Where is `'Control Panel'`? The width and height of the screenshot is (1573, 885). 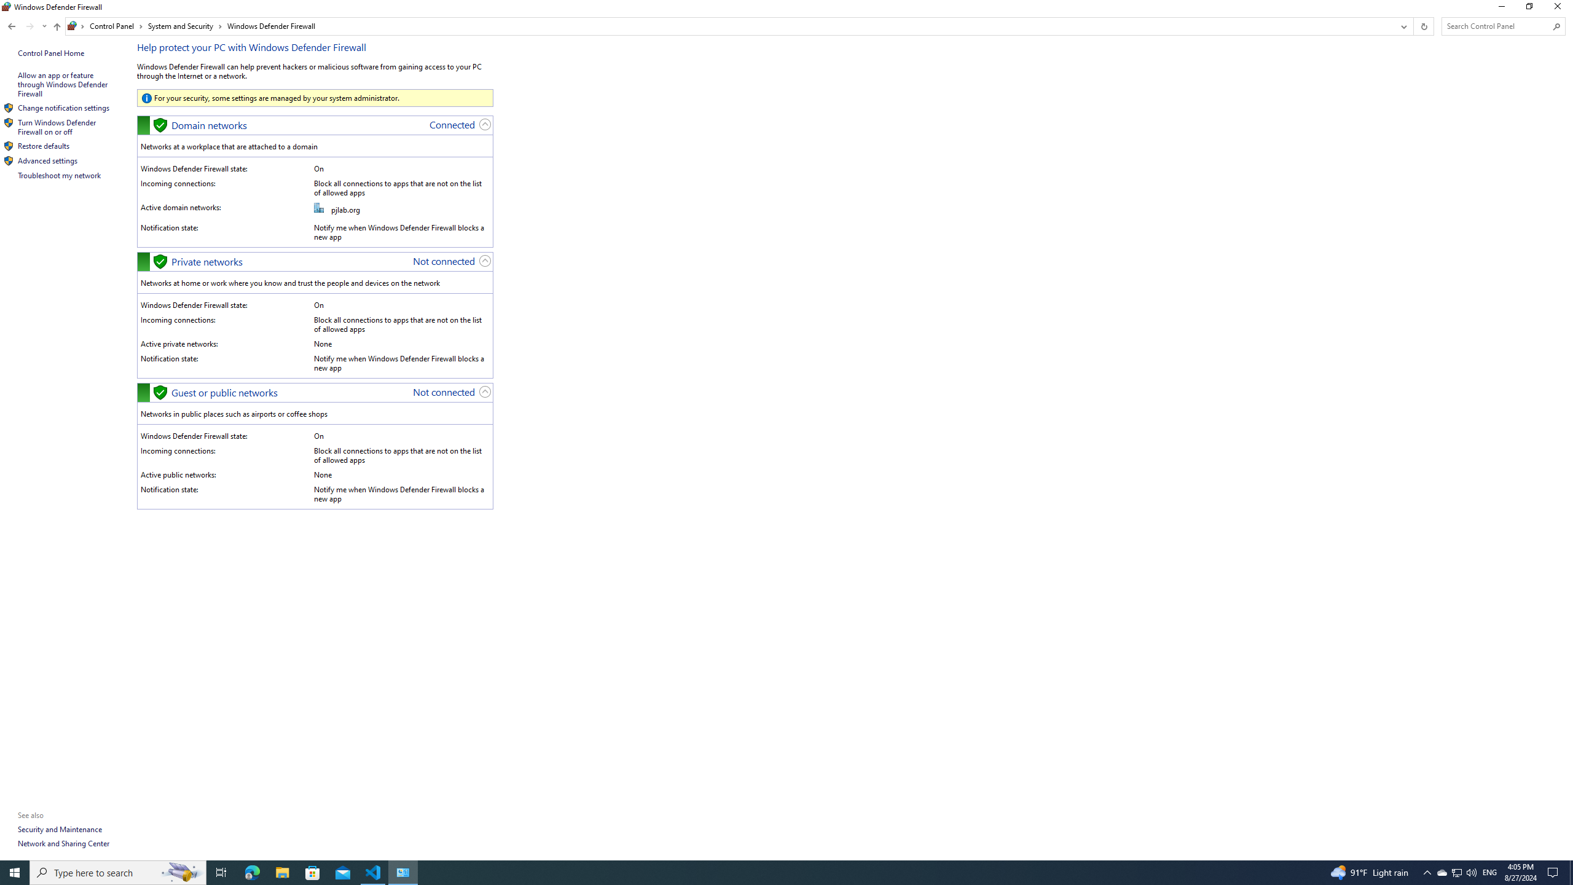
'Control Panel' is located at coordinates (116, 26).